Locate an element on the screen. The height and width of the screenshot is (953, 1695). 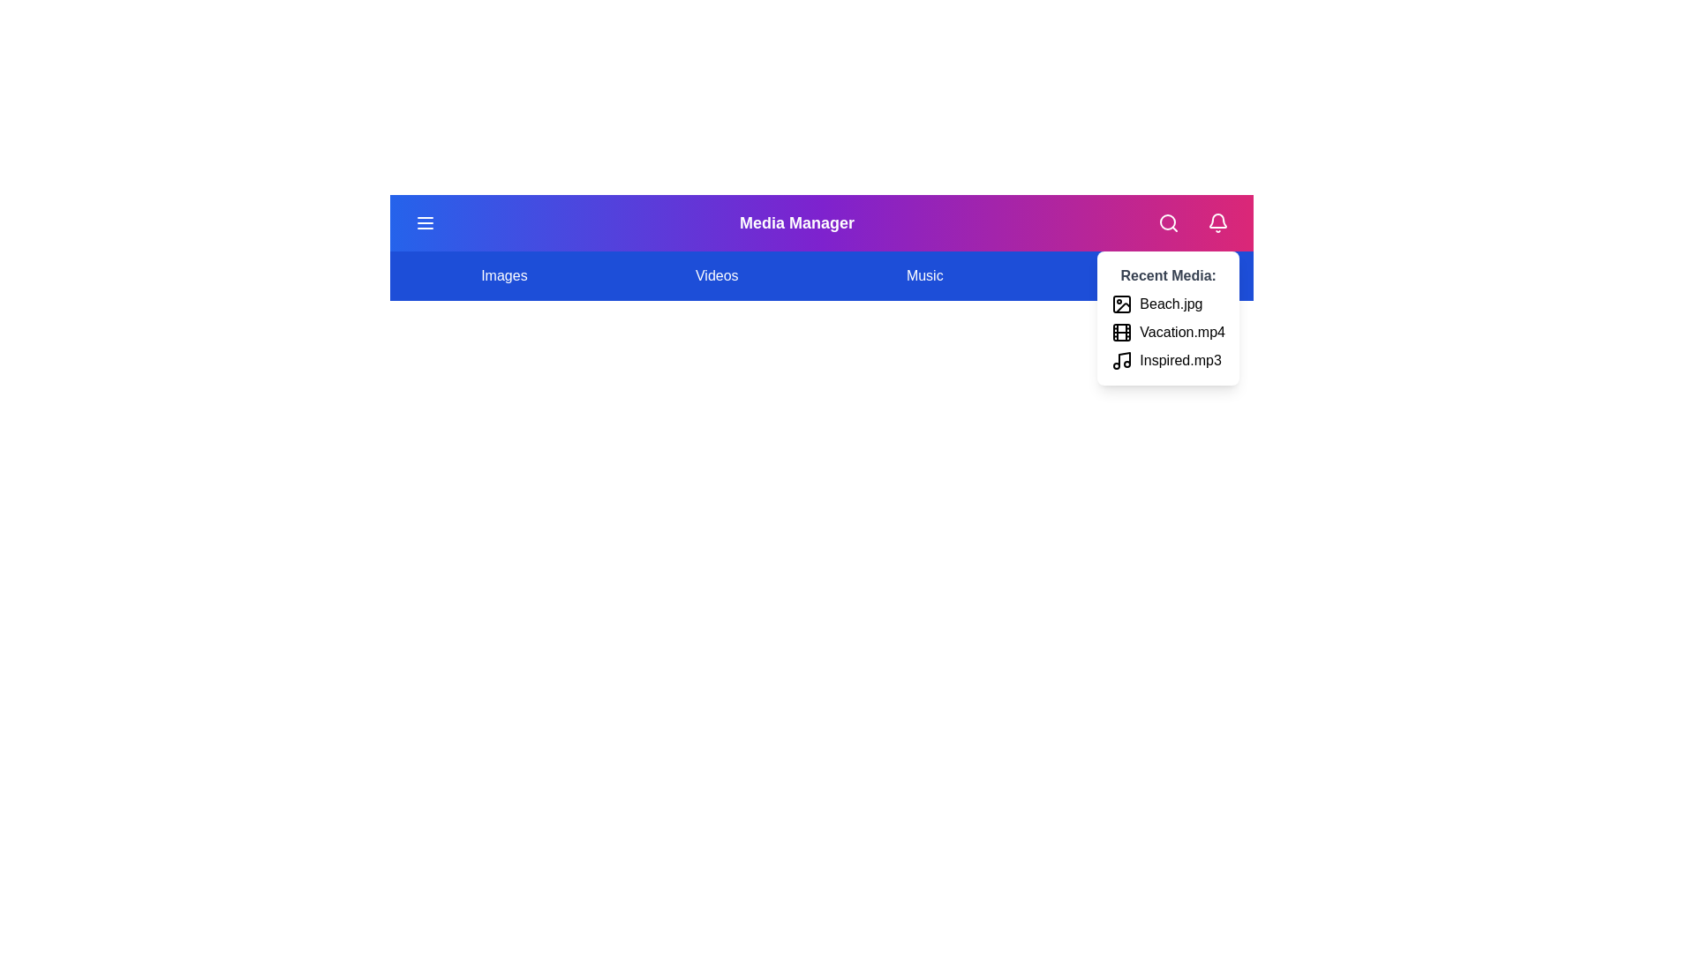
the media category Videos to navigate to it is located at coordinates (717, 275).